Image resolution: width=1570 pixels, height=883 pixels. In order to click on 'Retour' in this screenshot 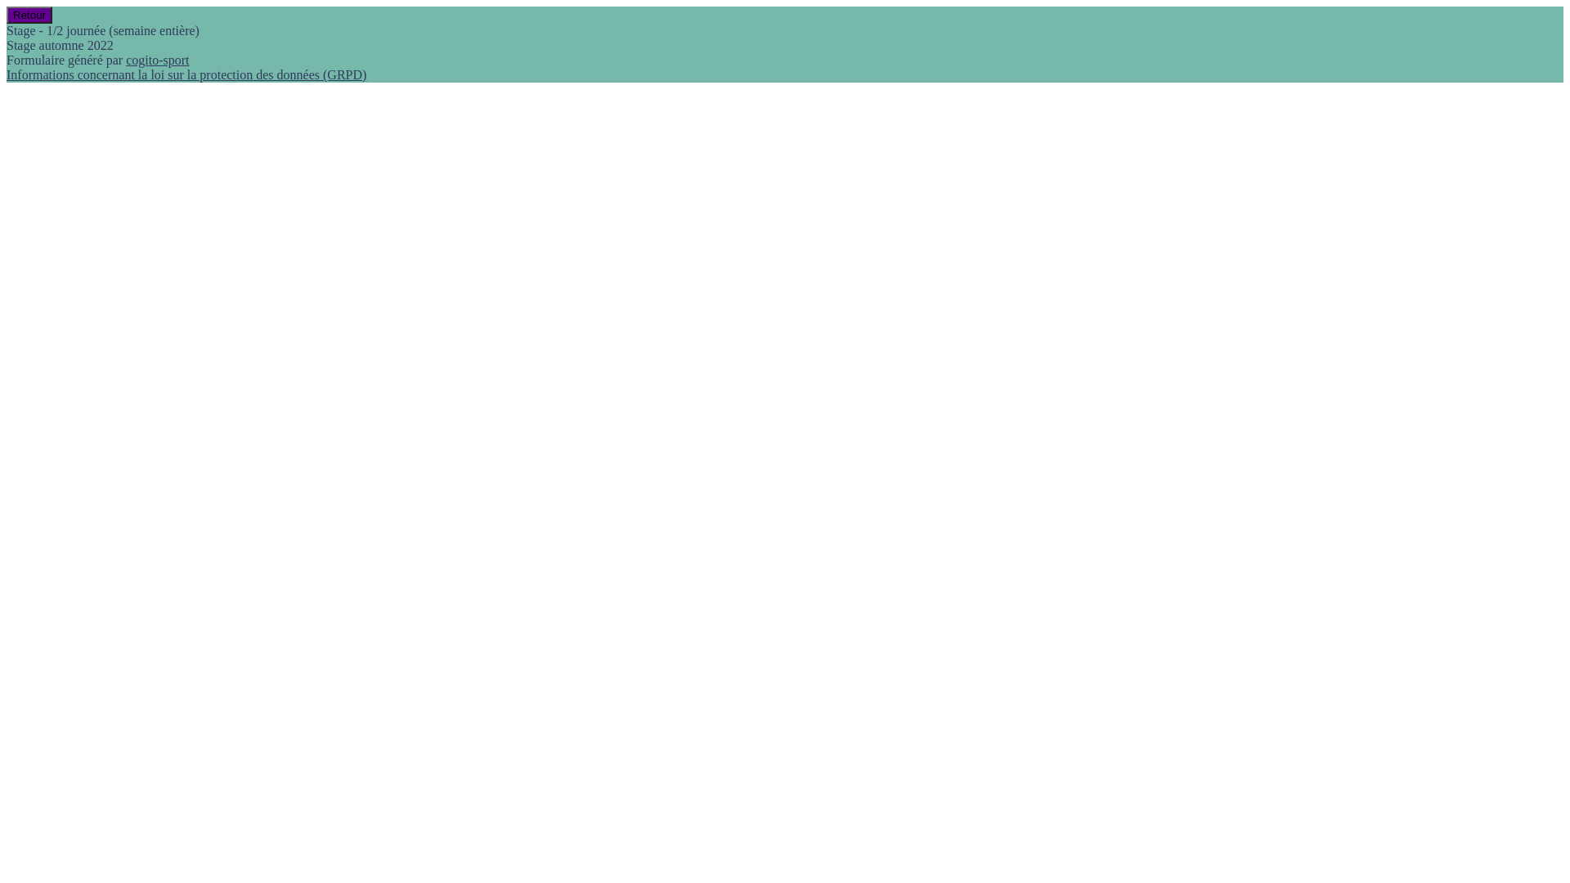, I will do `click(29, 15)`.